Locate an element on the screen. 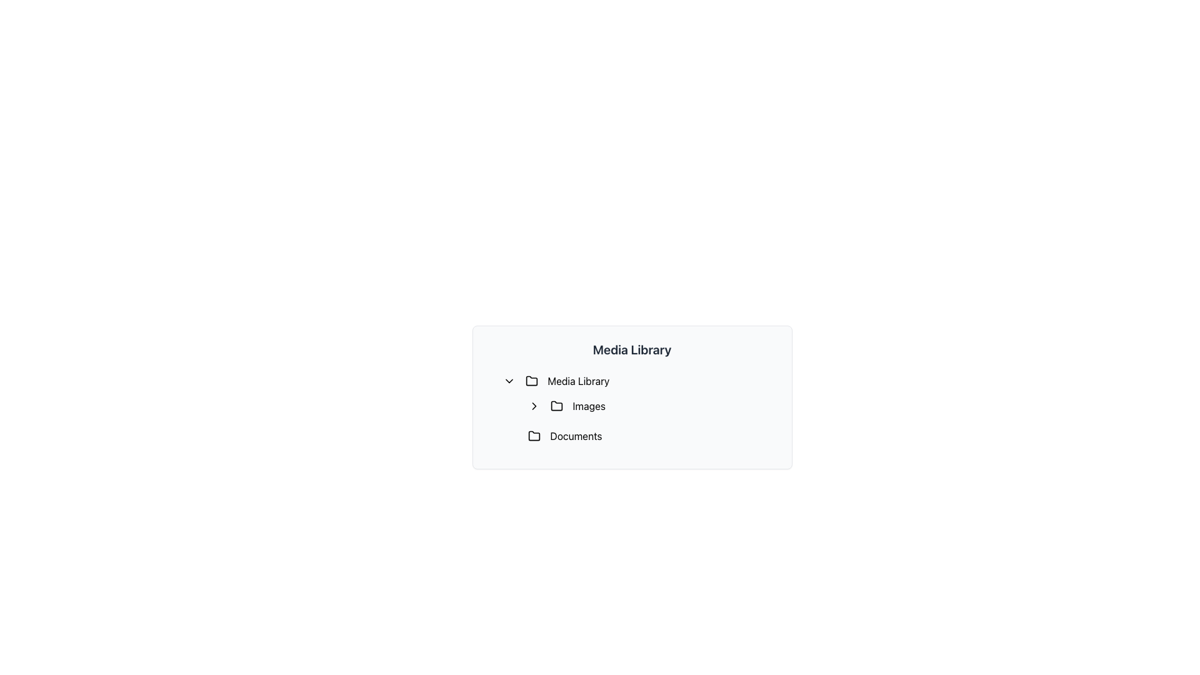 Image resolution: width=1200 pixels, height=675 pixels. the text label for the 'Documents' folder located to the right of the folder icon in the file system tree structure is located at coordinates (575, 436).